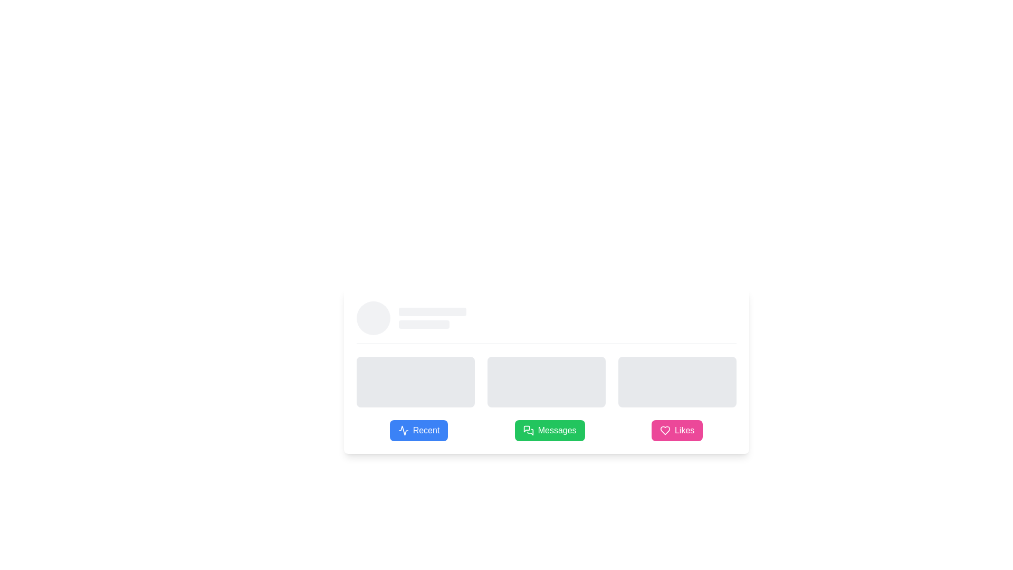 Image resolution: width=1013 pixels, height=570 pixels. What do you see at coordinates (546, 382) in the screenshot?
I see `the middle loading skeleton placeholder, which has a gray background and rounded corners, indicating a loading state with a pulsing animation` at bounding box center [546, 382].